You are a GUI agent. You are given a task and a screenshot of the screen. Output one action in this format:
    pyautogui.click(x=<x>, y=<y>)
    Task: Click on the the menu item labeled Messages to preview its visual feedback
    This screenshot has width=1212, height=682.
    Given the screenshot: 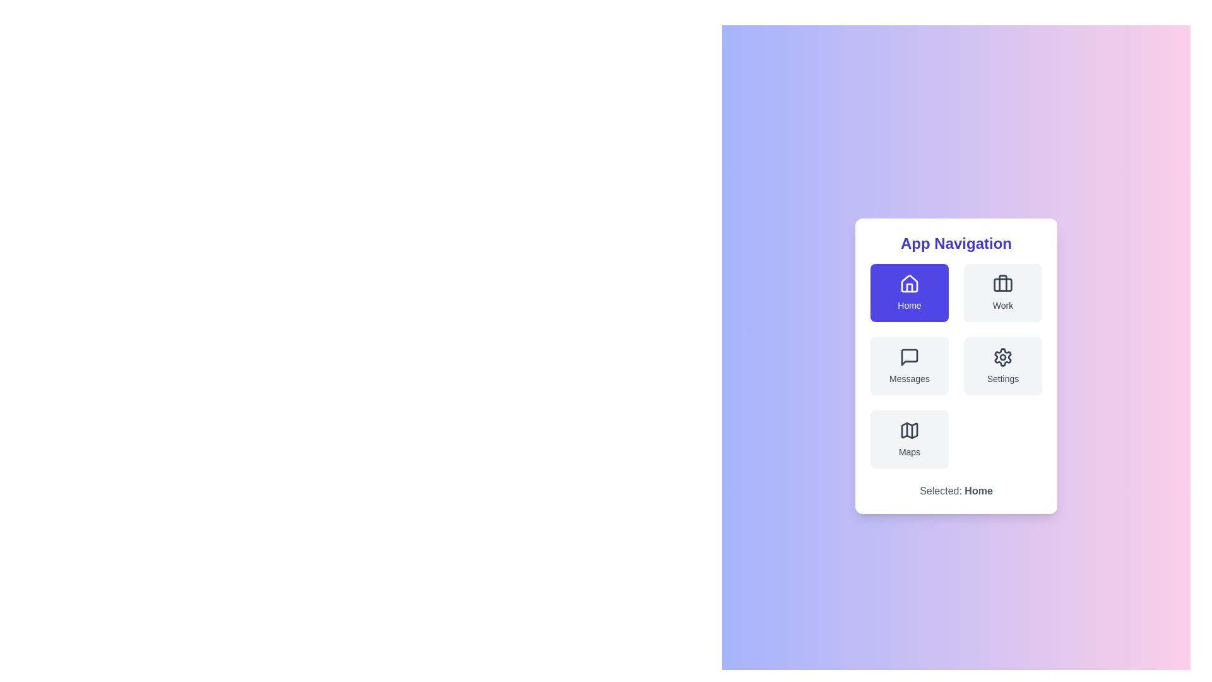 What is the action you would take?
    pyautogui.click(x=909, y=366)
    